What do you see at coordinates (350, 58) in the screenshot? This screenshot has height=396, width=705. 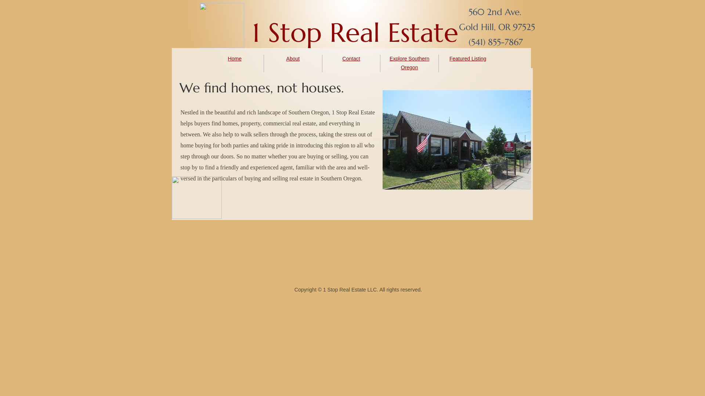 I see `'Contact'` at bounding box center [350, 58].